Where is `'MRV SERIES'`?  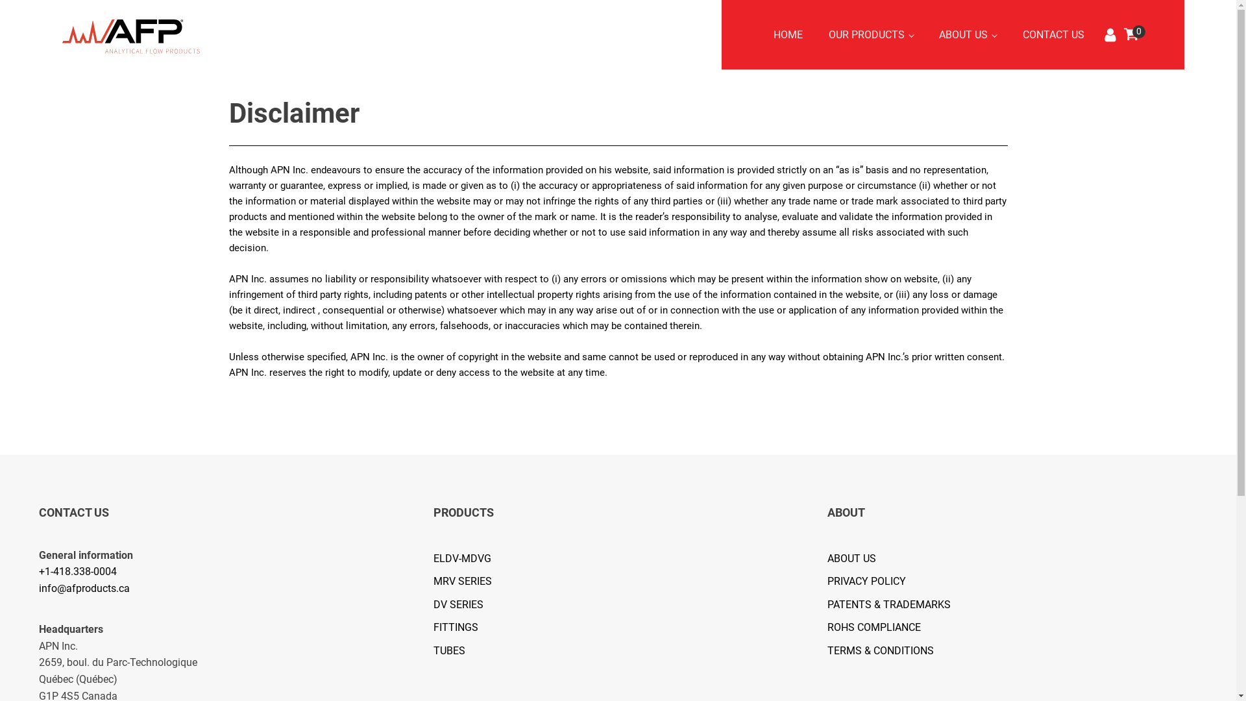 'MRV SERIES' is located at coordinates (469, 580).